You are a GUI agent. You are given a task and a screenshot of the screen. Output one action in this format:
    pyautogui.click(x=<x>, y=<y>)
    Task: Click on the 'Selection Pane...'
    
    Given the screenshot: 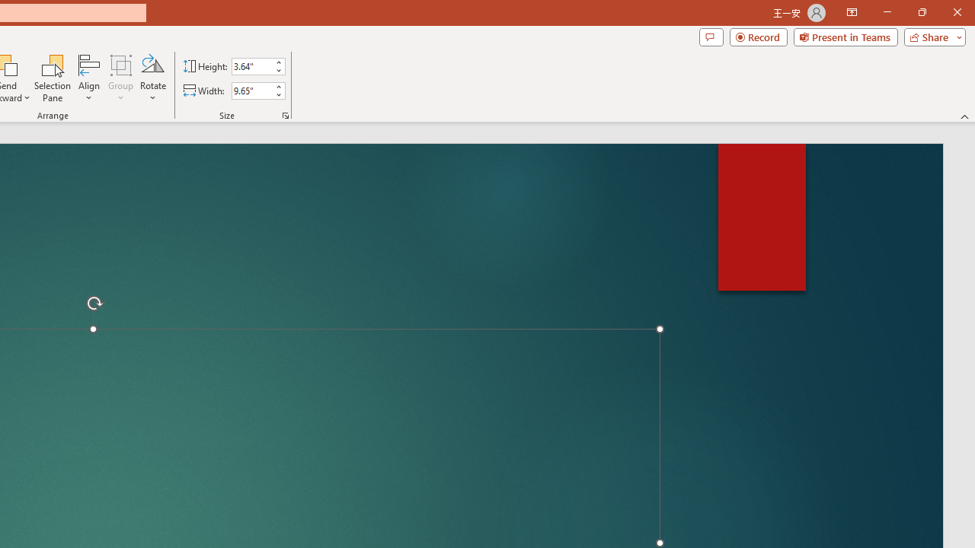 What is the action you would take?
    pyautogui.click(x=53, y=78)
    